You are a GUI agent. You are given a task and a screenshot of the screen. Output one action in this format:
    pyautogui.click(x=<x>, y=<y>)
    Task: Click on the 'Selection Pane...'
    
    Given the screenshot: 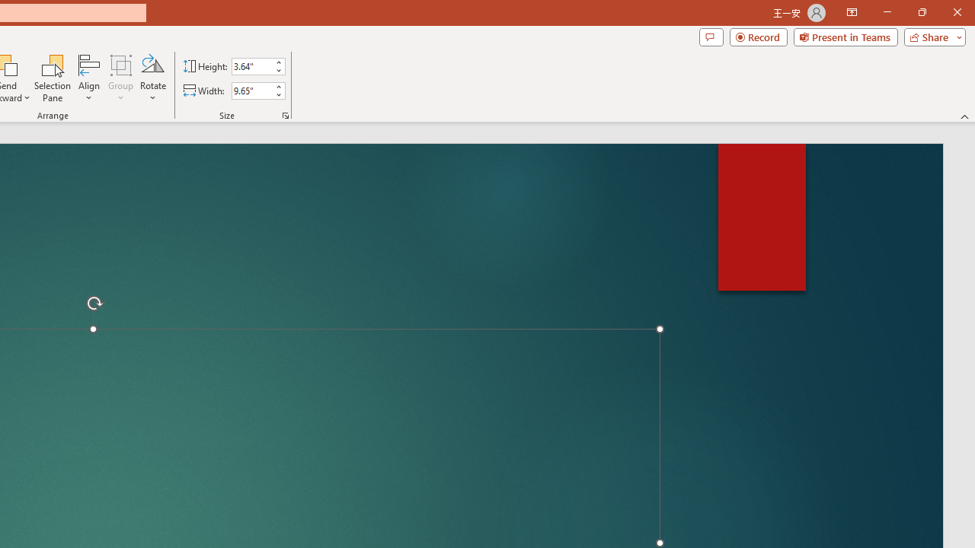 What is the action you would take?
    pyautogui.click(x=53, y=78)
    